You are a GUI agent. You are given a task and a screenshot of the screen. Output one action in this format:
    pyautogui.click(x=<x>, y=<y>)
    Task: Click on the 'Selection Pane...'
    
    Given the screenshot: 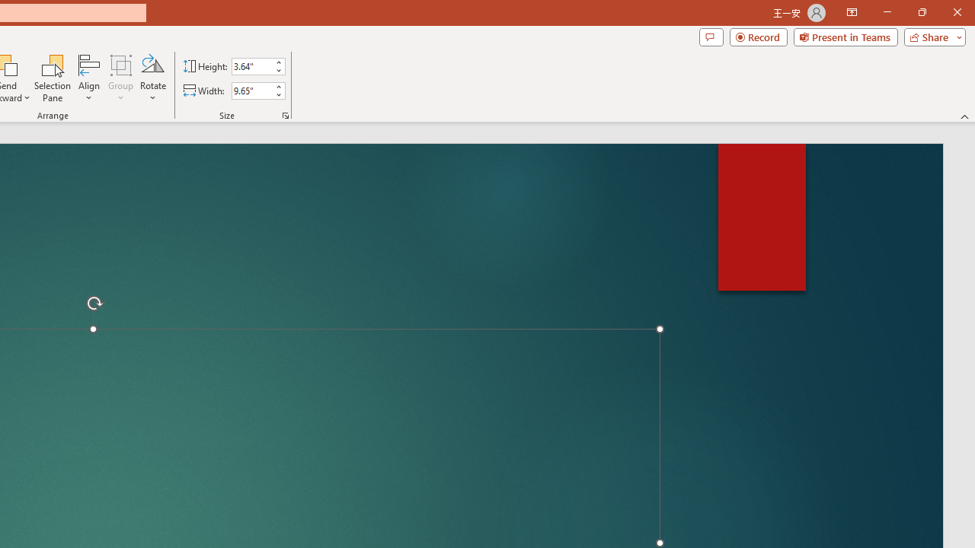 What is the action you would take?
    pyautogui.click(x=53, y=78)
    